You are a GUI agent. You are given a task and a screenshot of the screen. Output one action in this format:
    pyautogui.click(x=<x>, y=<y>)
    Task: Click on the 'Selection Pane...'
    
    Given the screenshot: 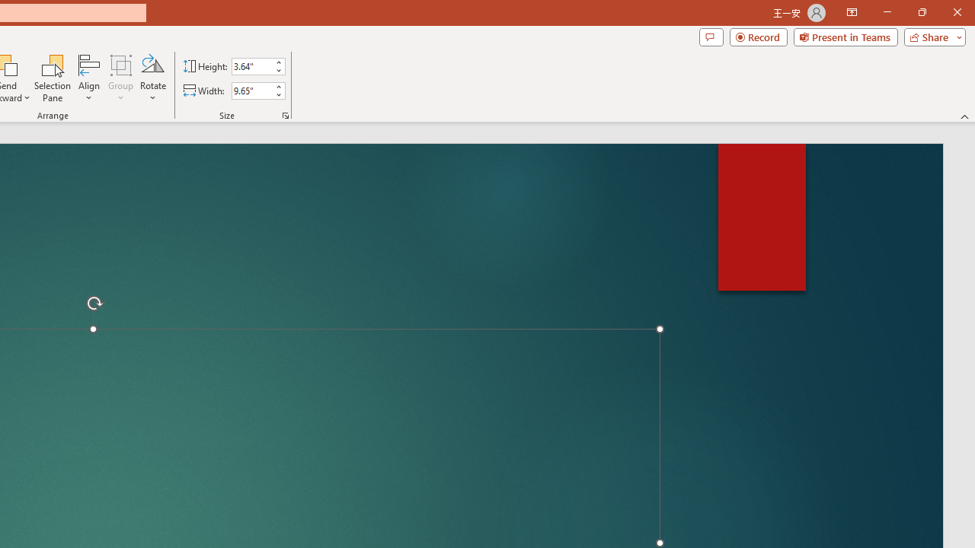 What is the action you would take?
    pyautogui.click(x=53, y=78)
    